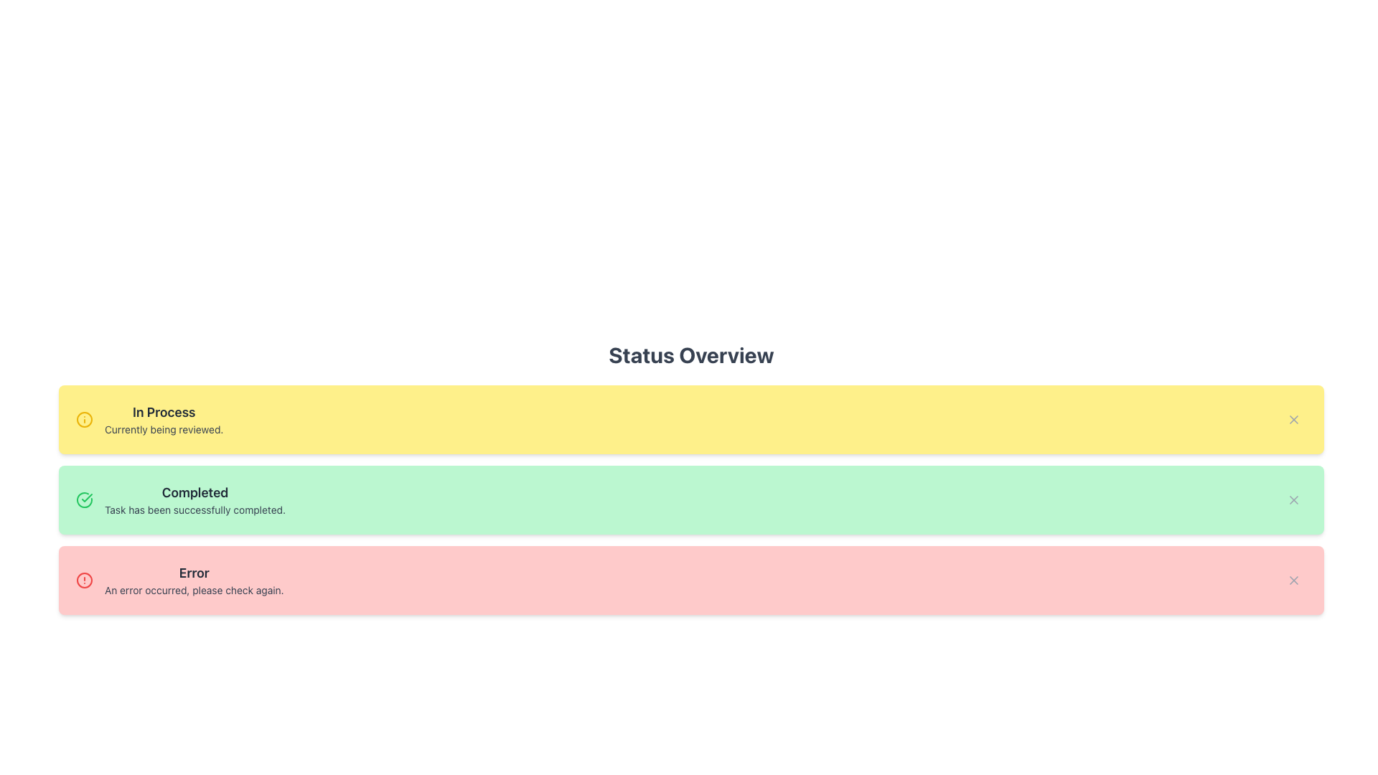  What do you see at coordinates (149, 420) in the screenshot?
I see `the Text Display with Icon that shows 'In Process' and 'Currently being reviewed.' with an info icon on a yellow background` at bounding box center [149, 420].